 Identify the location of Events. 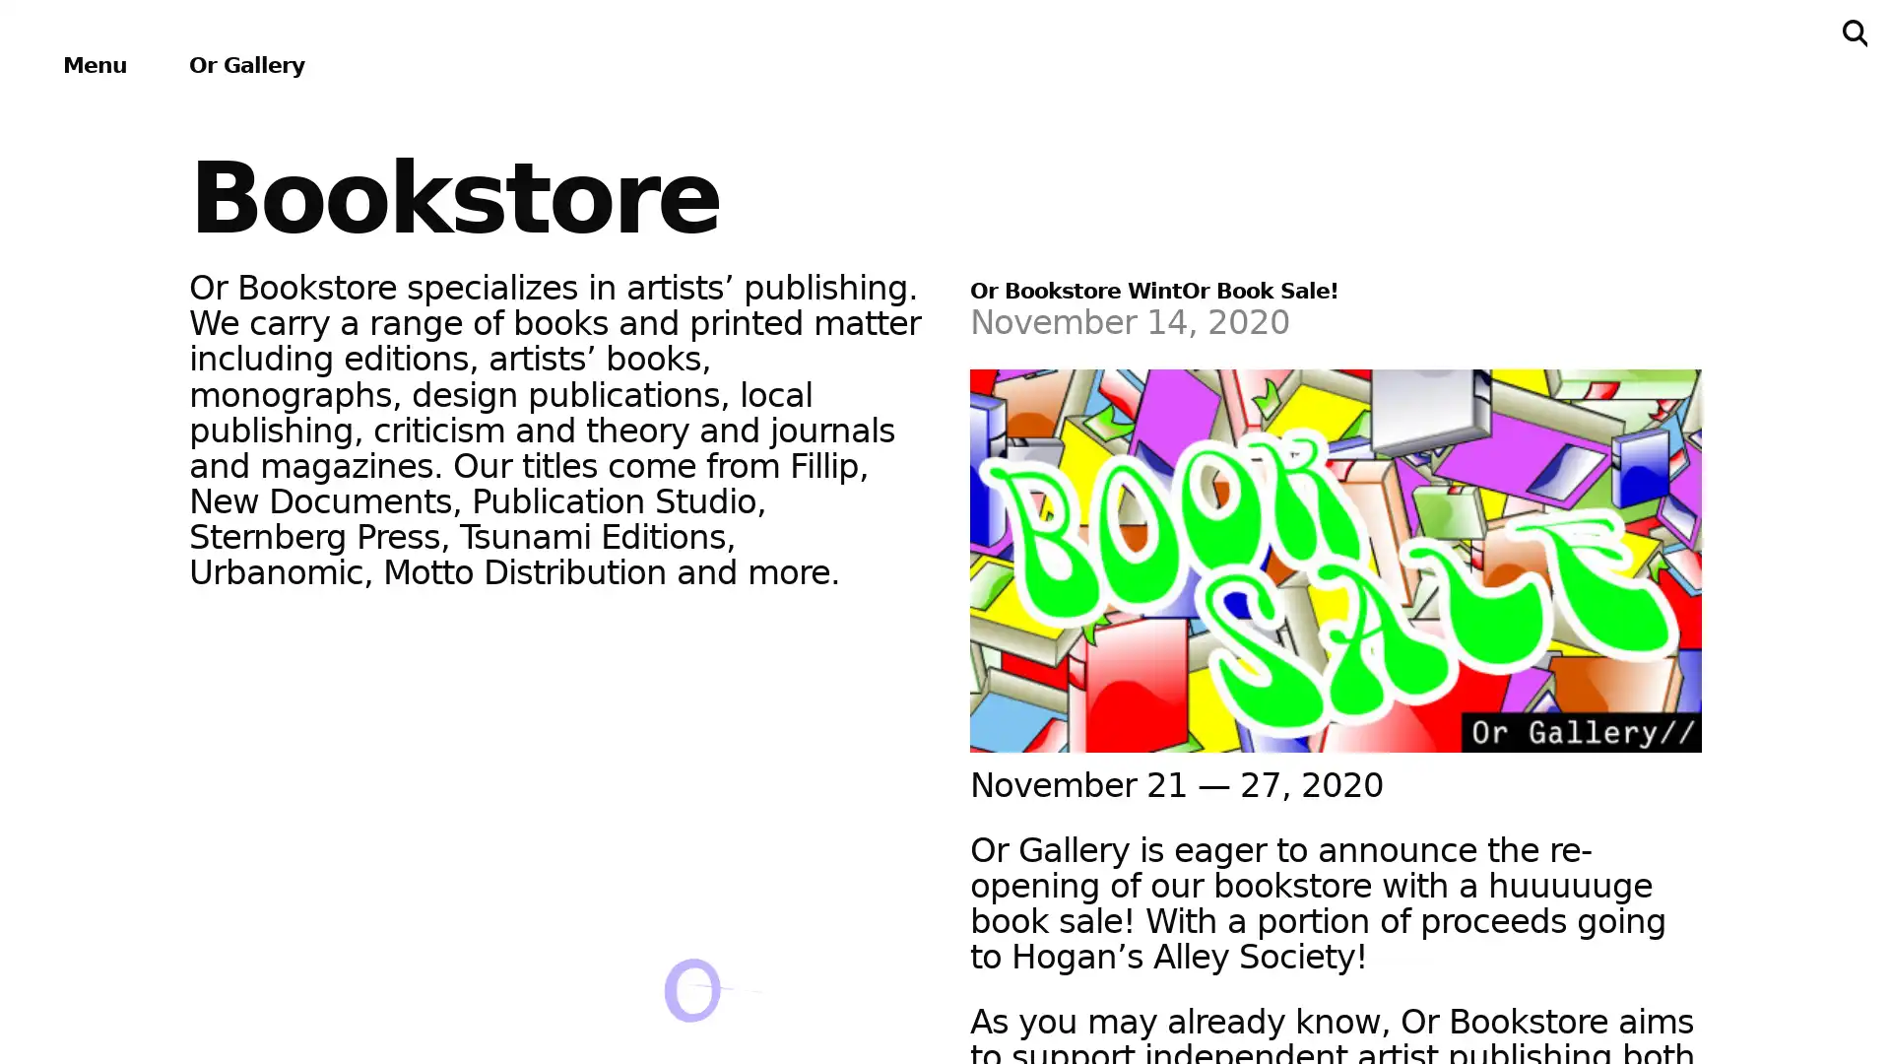
(427, 313).